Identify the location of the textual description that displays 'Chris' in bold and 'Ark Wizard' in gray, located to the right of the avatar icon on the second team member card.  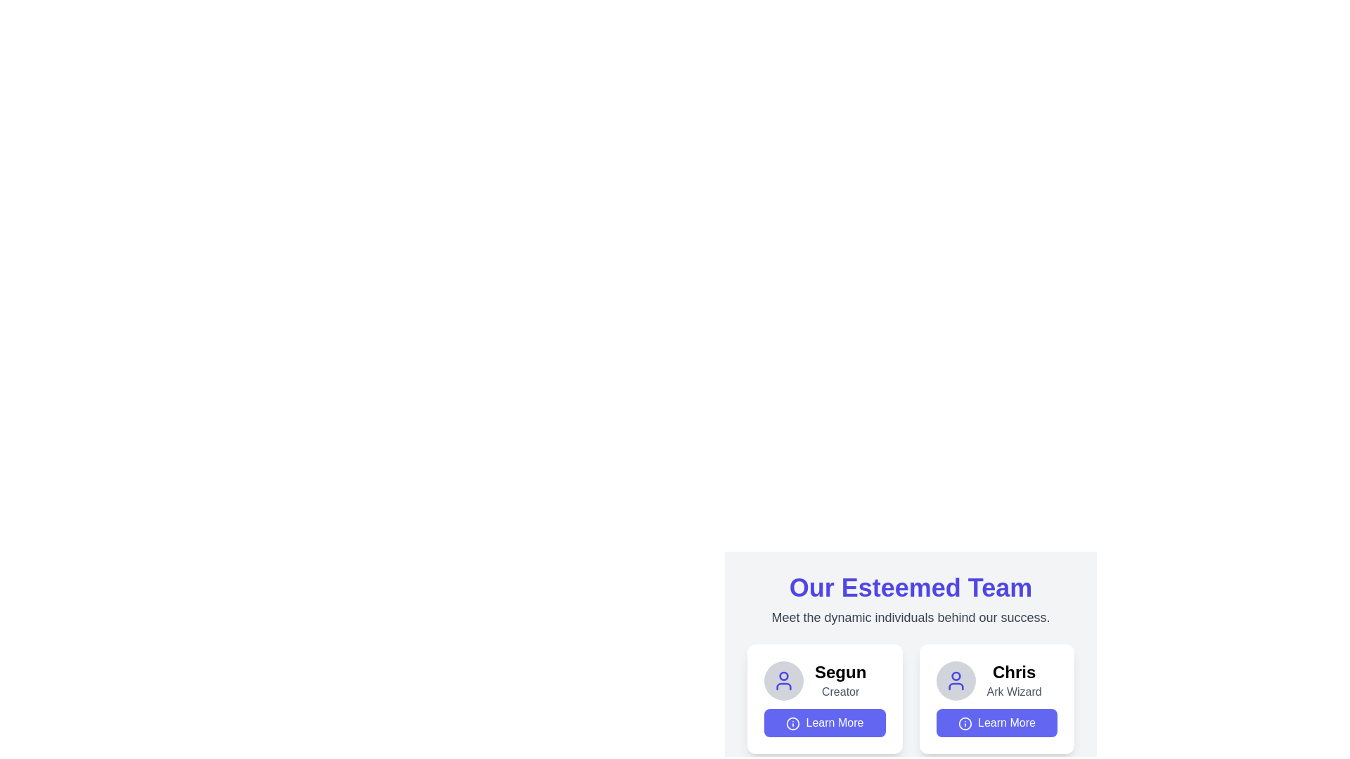
(1014, 680).